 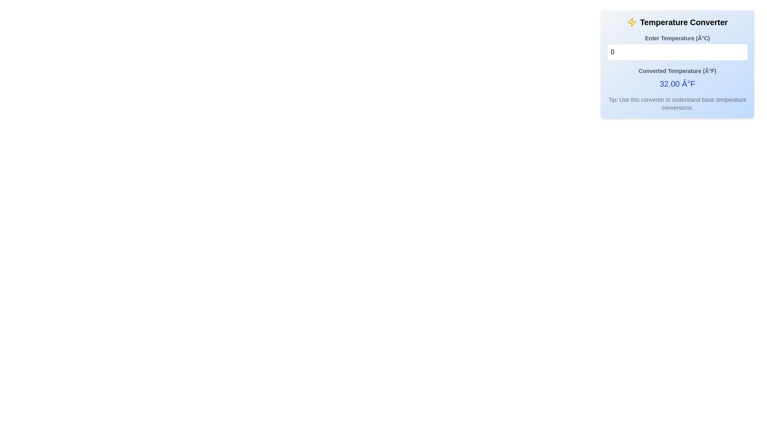 What do you see at coordinates (677, 22) in the screenshot?
I see `the 'Temperature Converter' text label, which is styled with bold and large text and has a yellow lightning bolt icon adjacent to it, to initiate an action` at bounding box center [677, 22].